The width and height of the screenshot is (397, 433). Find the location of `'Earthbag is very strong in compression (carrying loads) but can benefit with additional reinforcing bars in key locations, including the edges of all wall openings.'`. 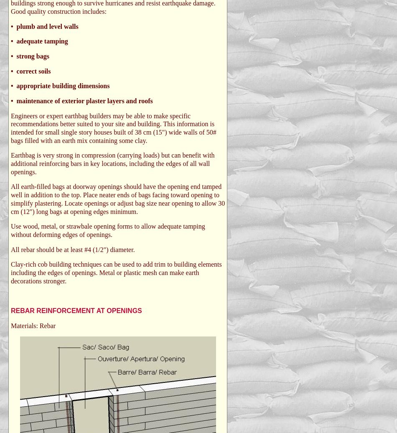

'Earthbag is very strong in compression (carrying loads) but can benefit with additional reinforcing bars in key locations, including the edges of all wall openings.' is located at coordinates (11, 163).